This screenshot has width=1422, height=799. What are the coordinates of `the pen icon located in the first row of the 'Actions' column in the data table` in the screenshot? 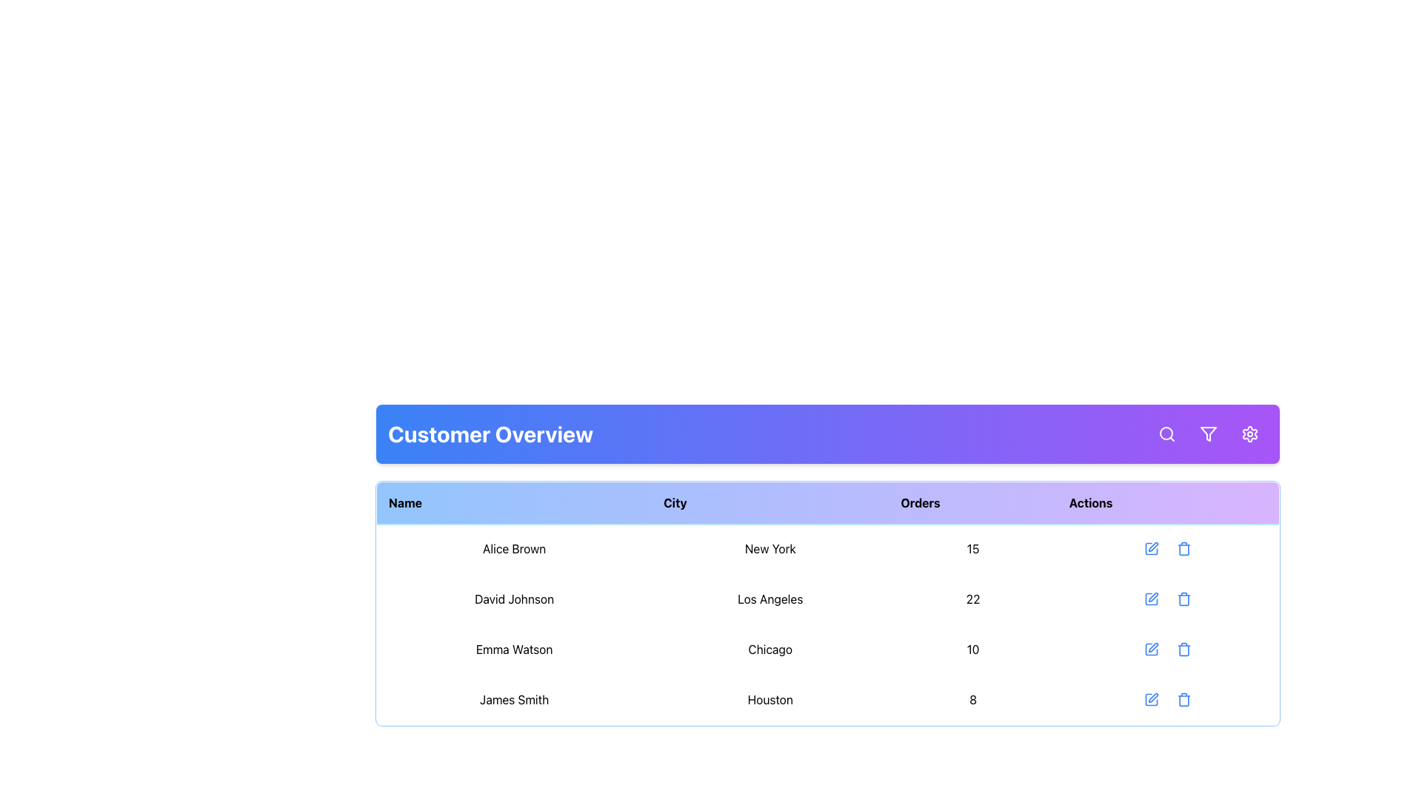 It's located at (1152, 547).